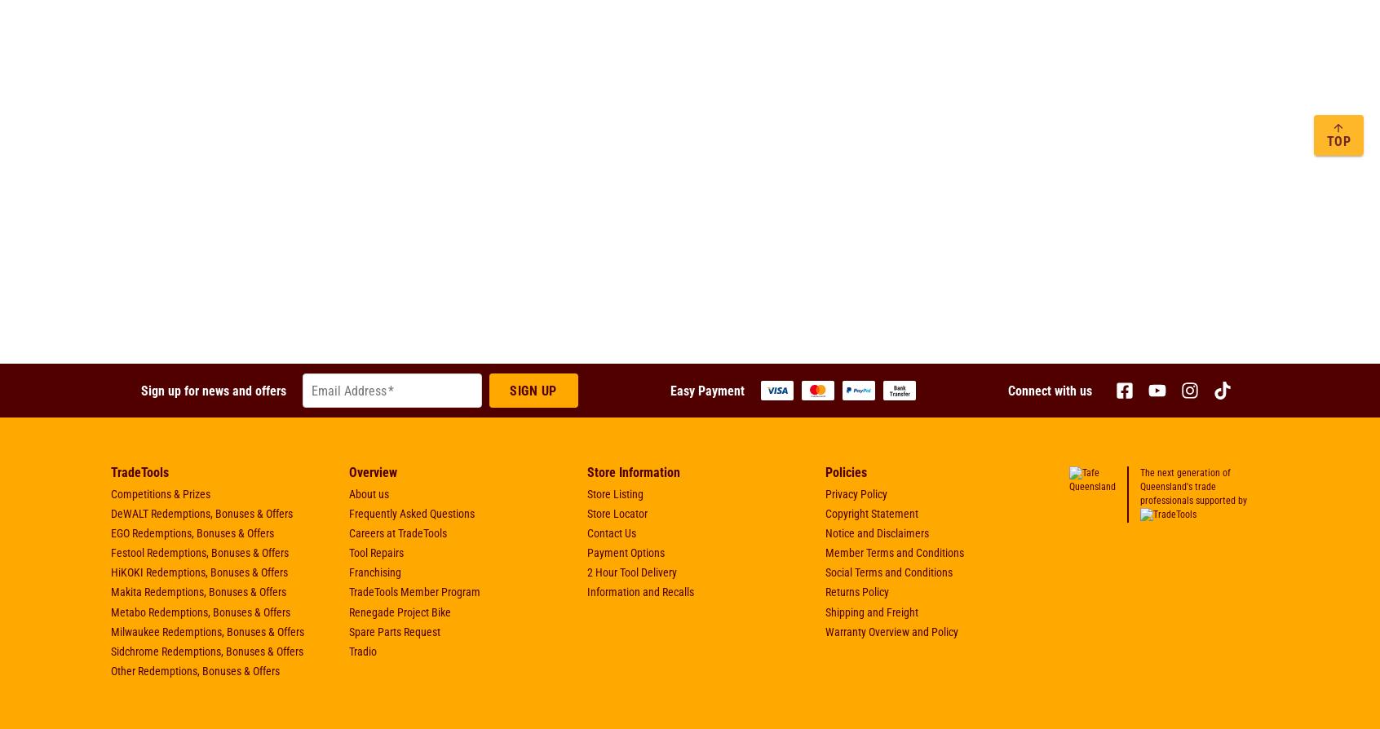  Describe the element at coordinates (399, 610) in the screenshot. I see `'Renegade Project Bike'` at that location.